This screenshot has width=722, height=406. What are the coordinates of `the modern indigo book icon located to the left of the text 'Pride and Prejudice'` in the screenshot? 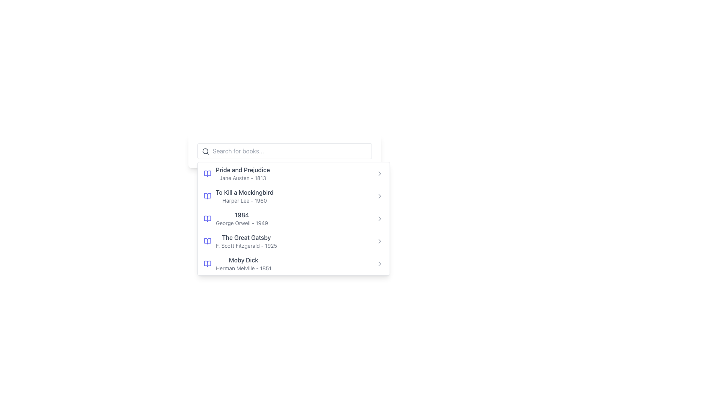 It's located at (208, 174).